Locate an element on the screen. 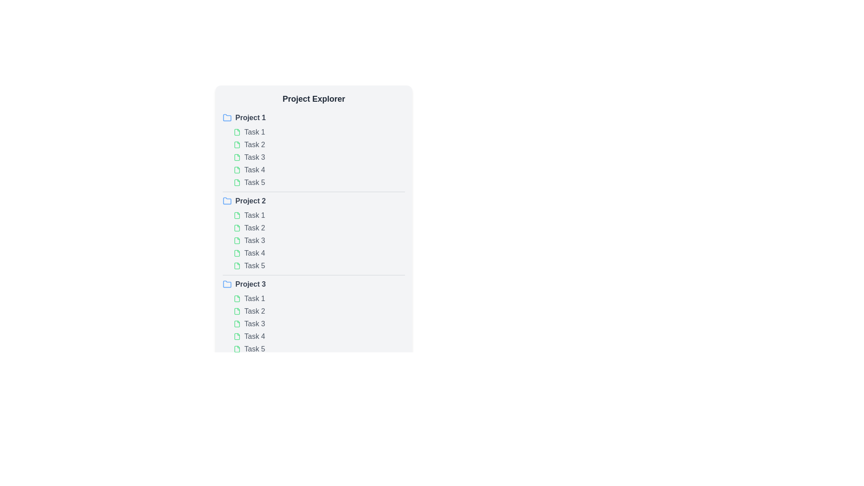  the icon representing the visual marker for the task item labeled 'Task 3' in the 'Project 1' section is located at coordinates (237, 157).